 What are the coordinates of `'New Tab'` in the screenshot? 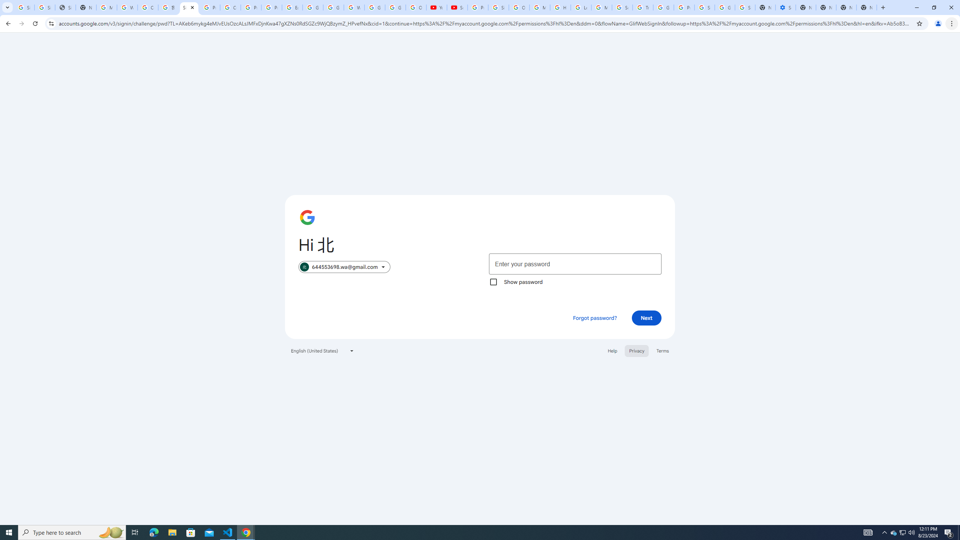 It's located at (867, 7).